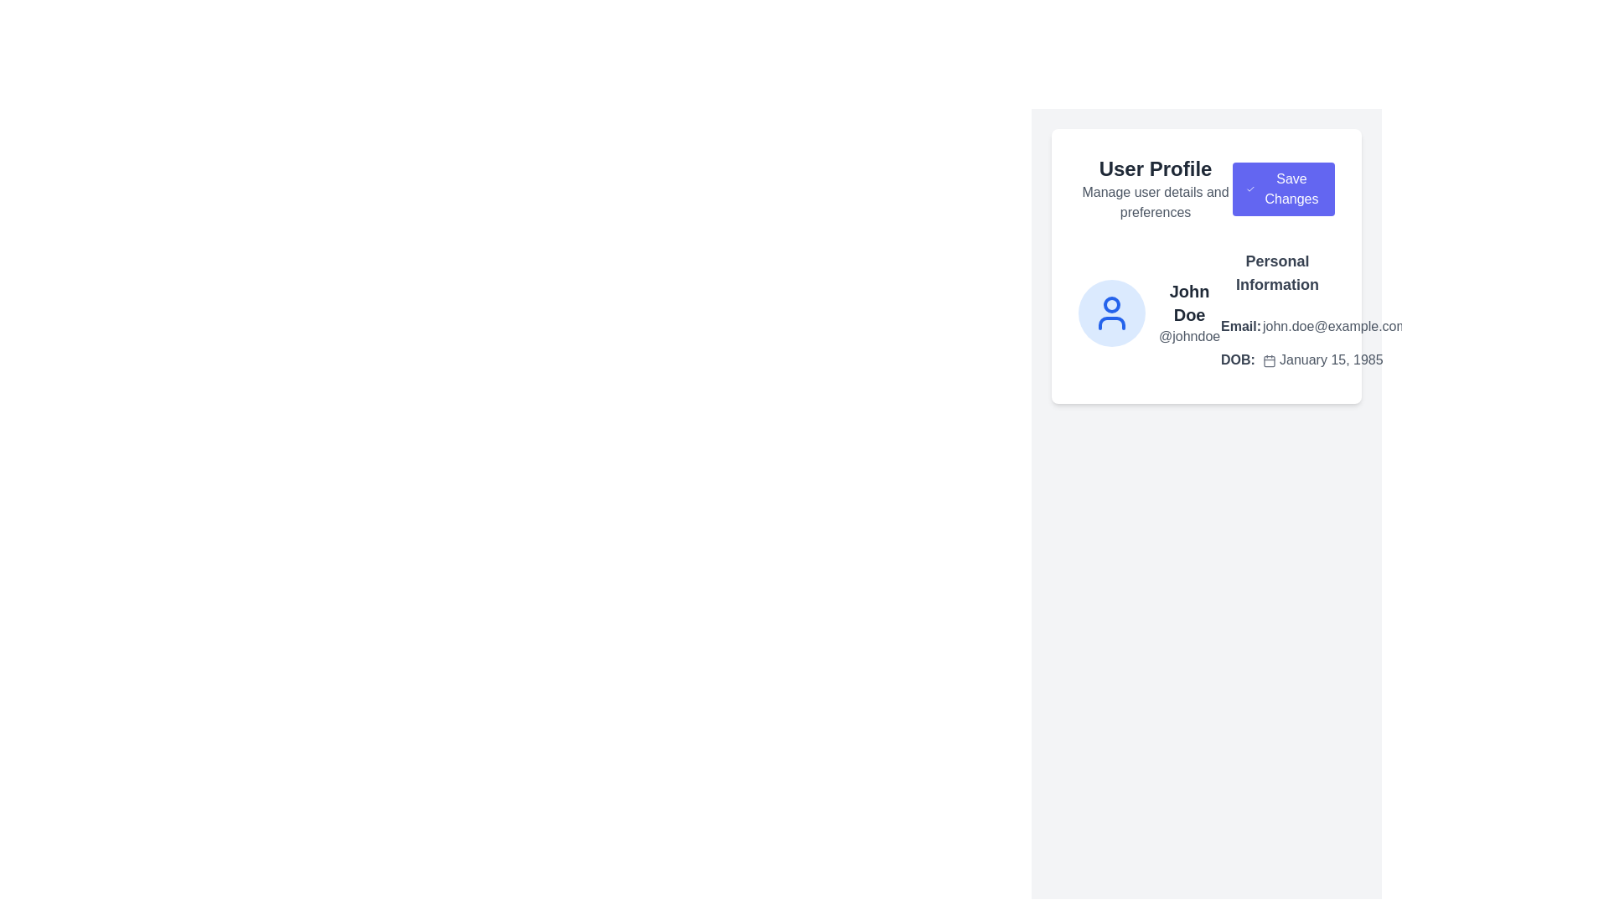  I want to click on the Text Label with Icon that displays the user's date of birth, located under the 'Email:' line and next to the email address entry, so click(1313, 359).